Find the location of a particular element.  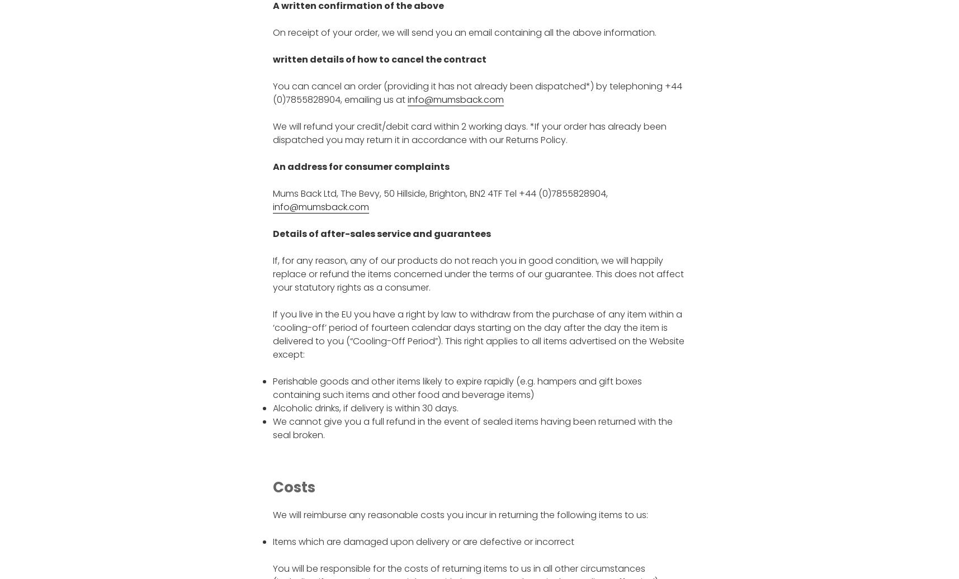

'Costs' is located at coordinates (292, 487).